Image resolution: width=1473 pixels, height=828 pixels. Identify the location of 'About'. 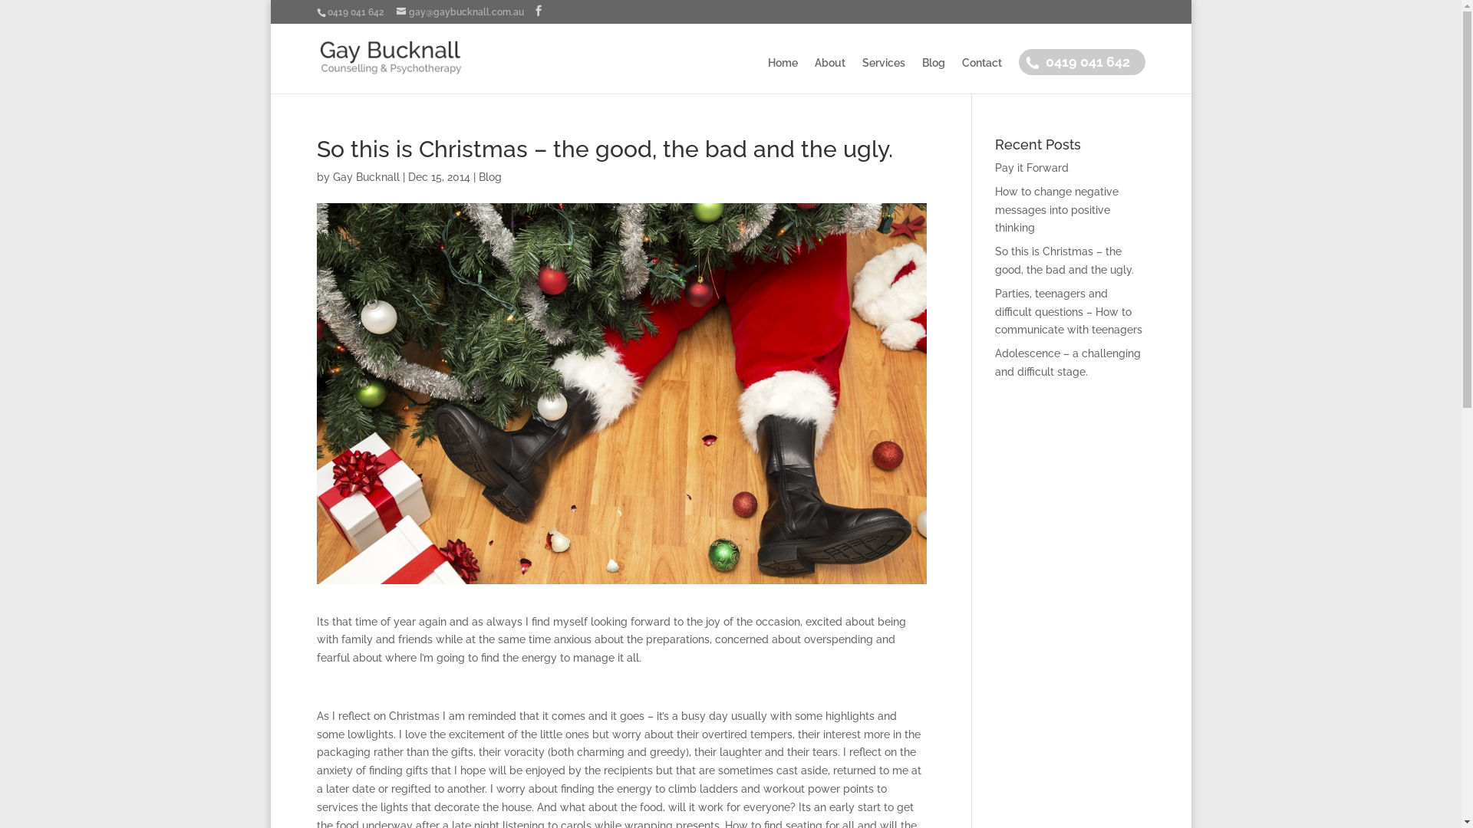
(829, 75).